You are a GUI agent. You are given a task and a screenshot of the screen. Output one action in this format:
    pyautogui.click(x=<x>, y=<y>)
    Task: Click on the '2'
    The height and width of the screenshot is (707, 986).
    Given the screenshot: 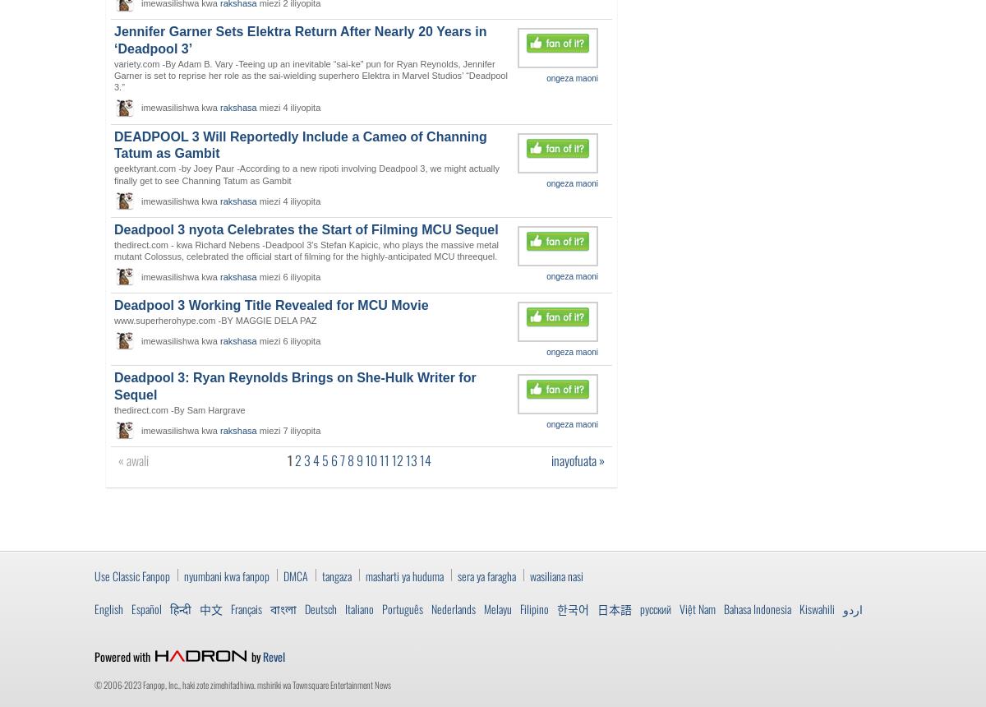 What is the action you would take?
    pyautogui.click(x=298, y=460)
    